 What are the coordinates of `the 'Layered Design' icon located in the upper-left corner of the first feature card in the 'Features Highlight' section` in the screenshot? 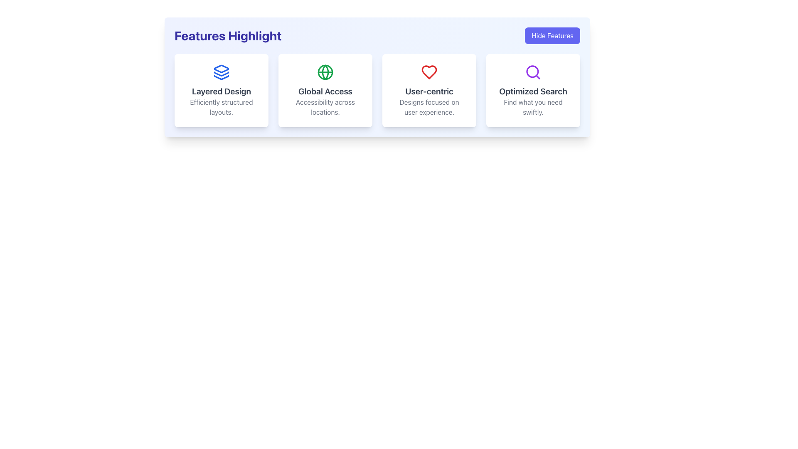 It's located at (221, 68).